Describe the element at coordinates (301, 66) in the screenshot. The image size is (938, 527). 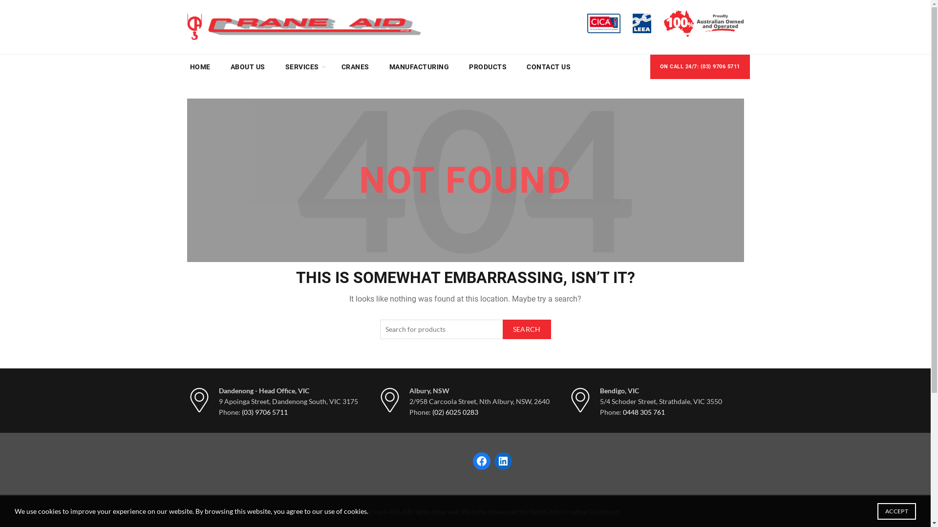
I see `'SERVICES'` at that location.